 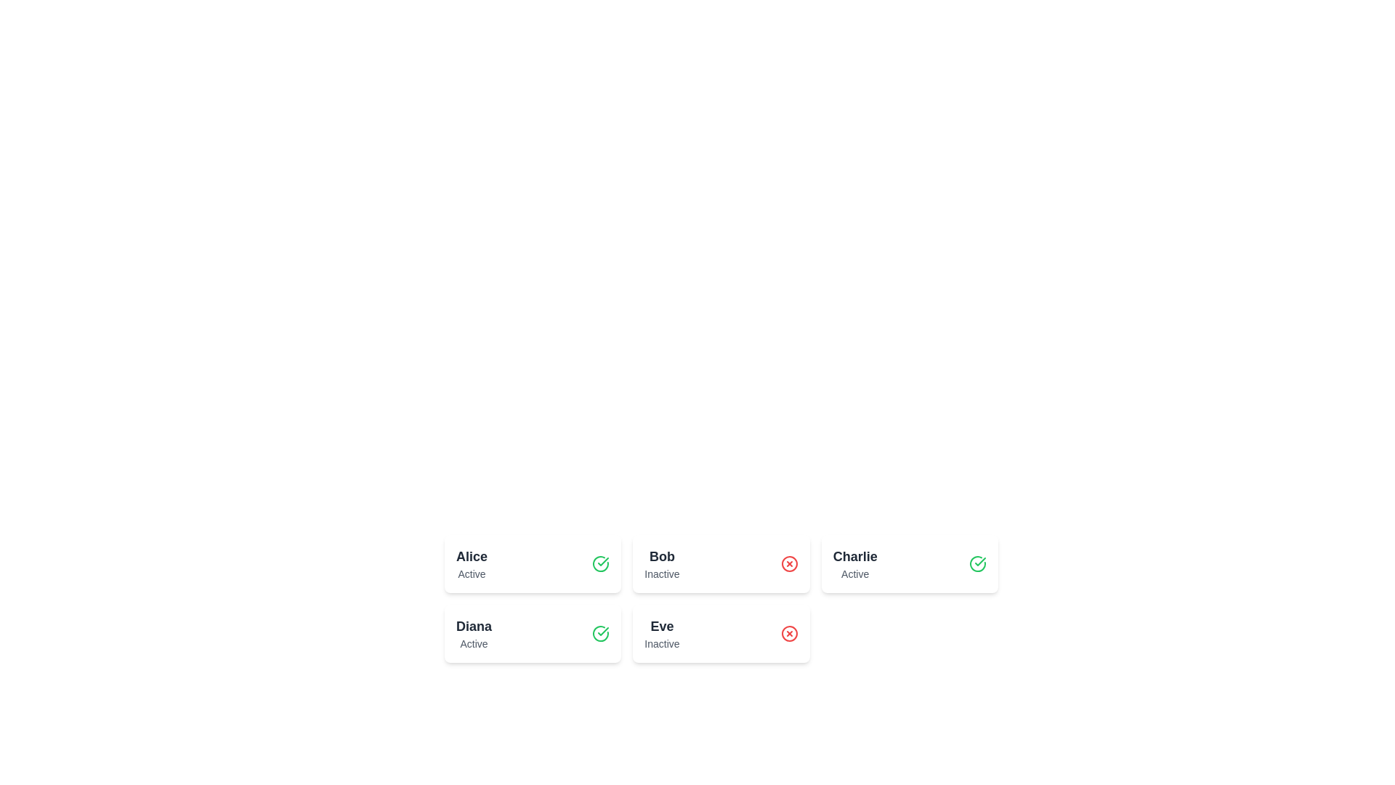 I want to click on the status indicator icon located in the top-right corner of the 'Charlie Active' card, which signifies a positive or successful state, so click(x=977, y=563).